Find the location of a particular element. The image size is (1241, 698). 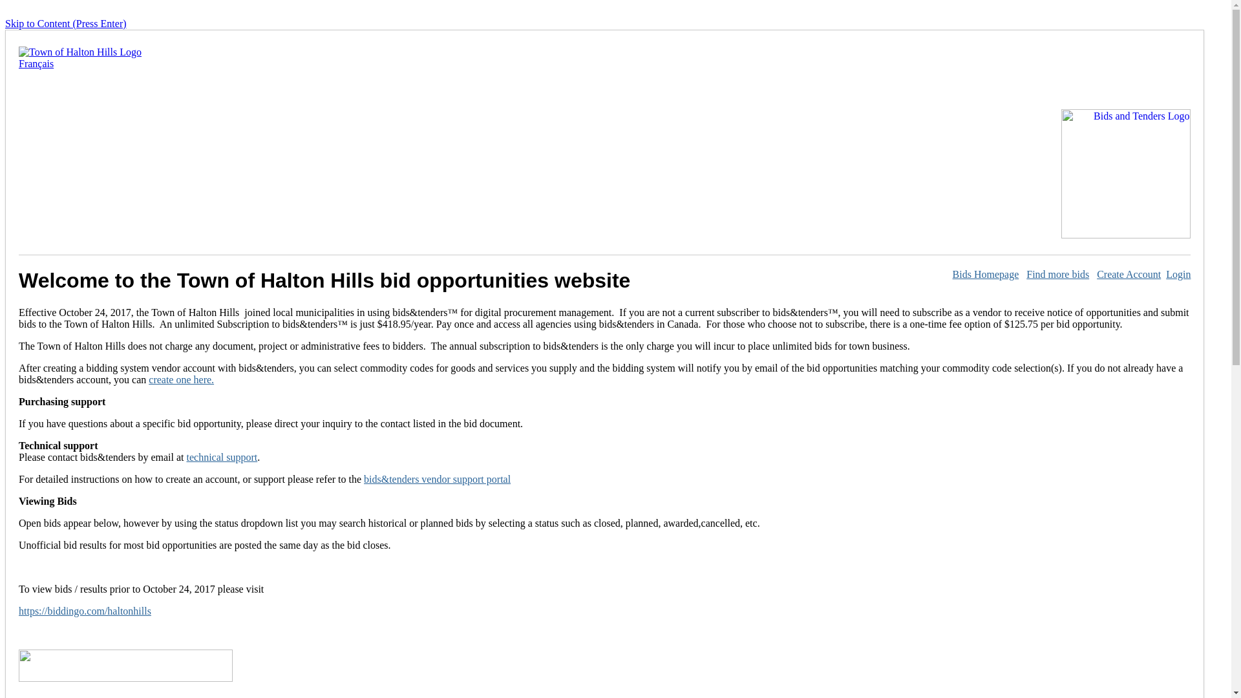

'bids&tenders vendor support portal' is located at coordinates (363, 479).